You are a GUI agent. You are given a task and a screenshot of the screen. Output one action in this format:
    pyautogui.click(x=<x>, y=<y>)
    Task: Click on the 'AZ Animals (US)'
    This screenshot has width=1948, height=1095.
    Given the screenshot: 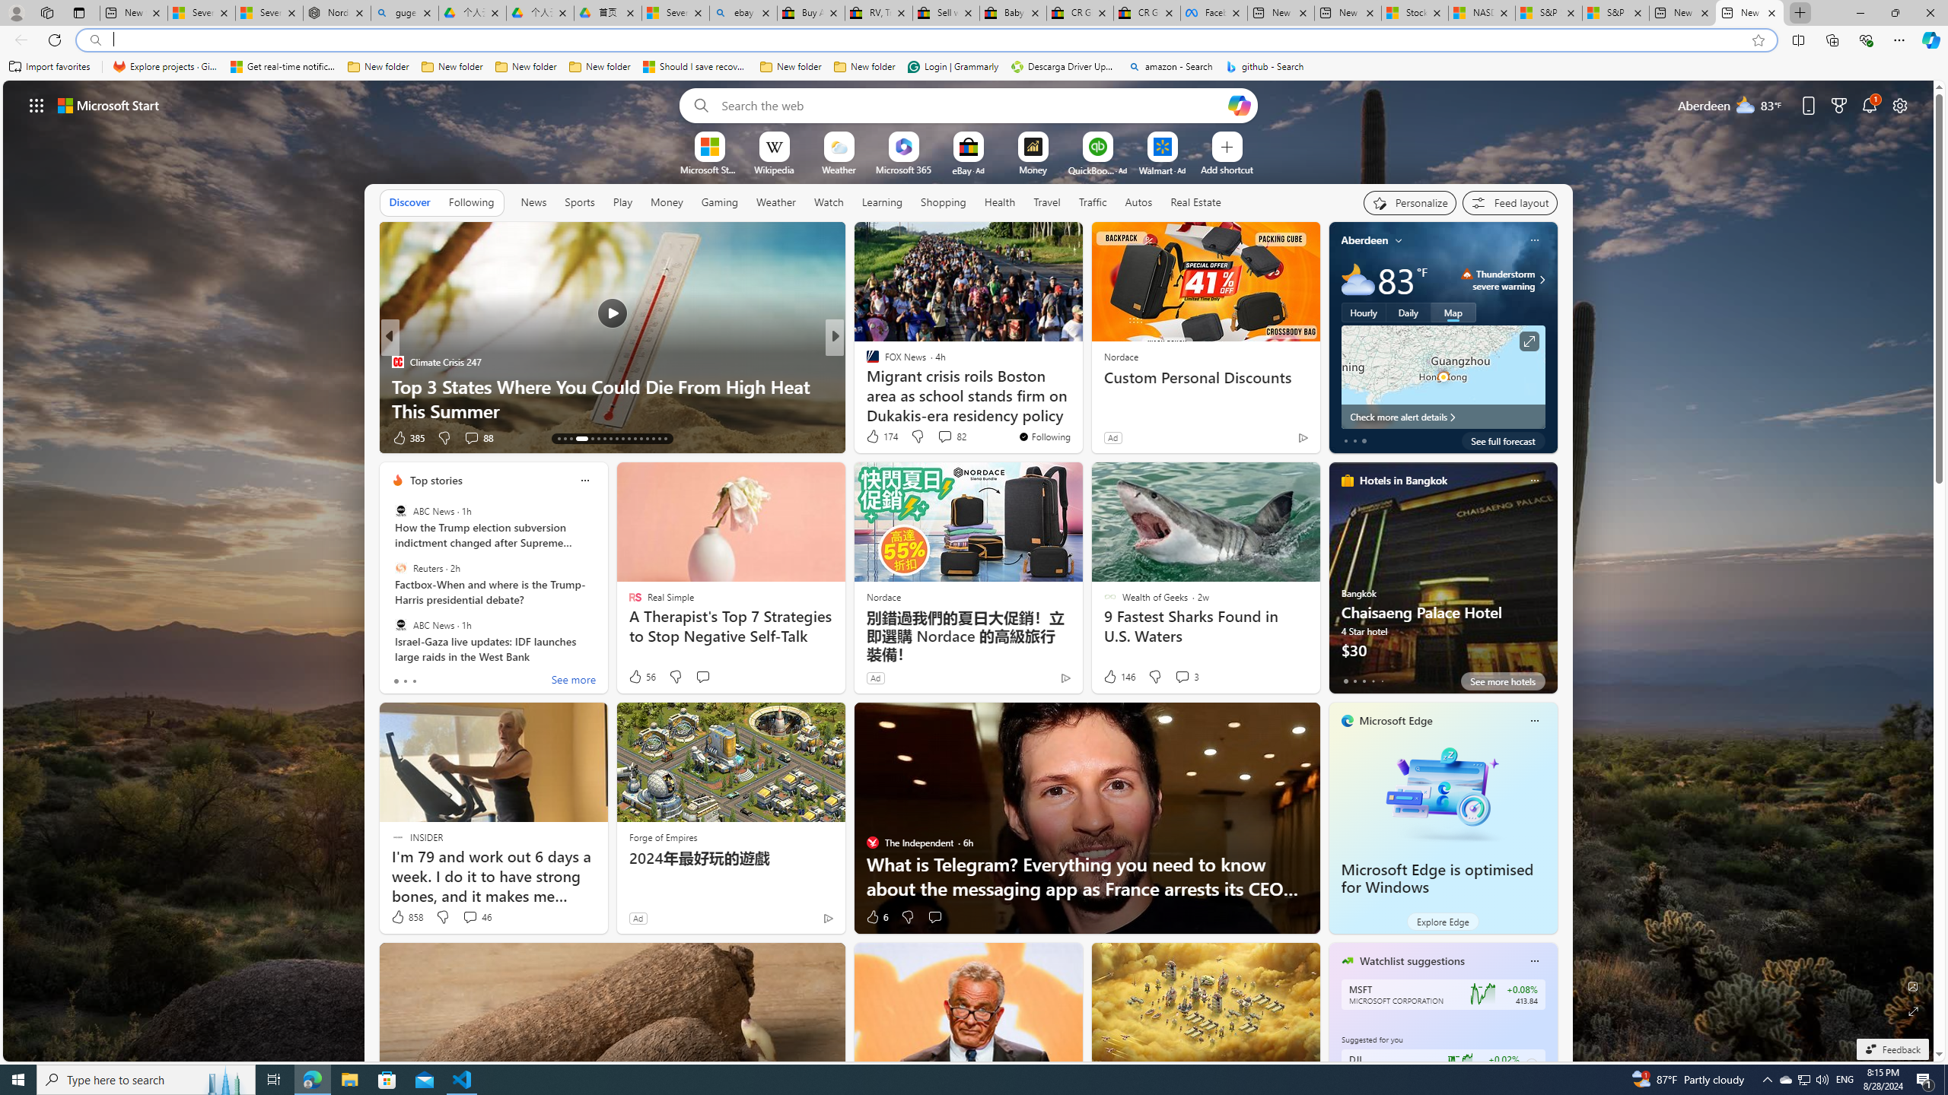 What is the action you would take?
    pyautogui.click(x=865, y=385)
    